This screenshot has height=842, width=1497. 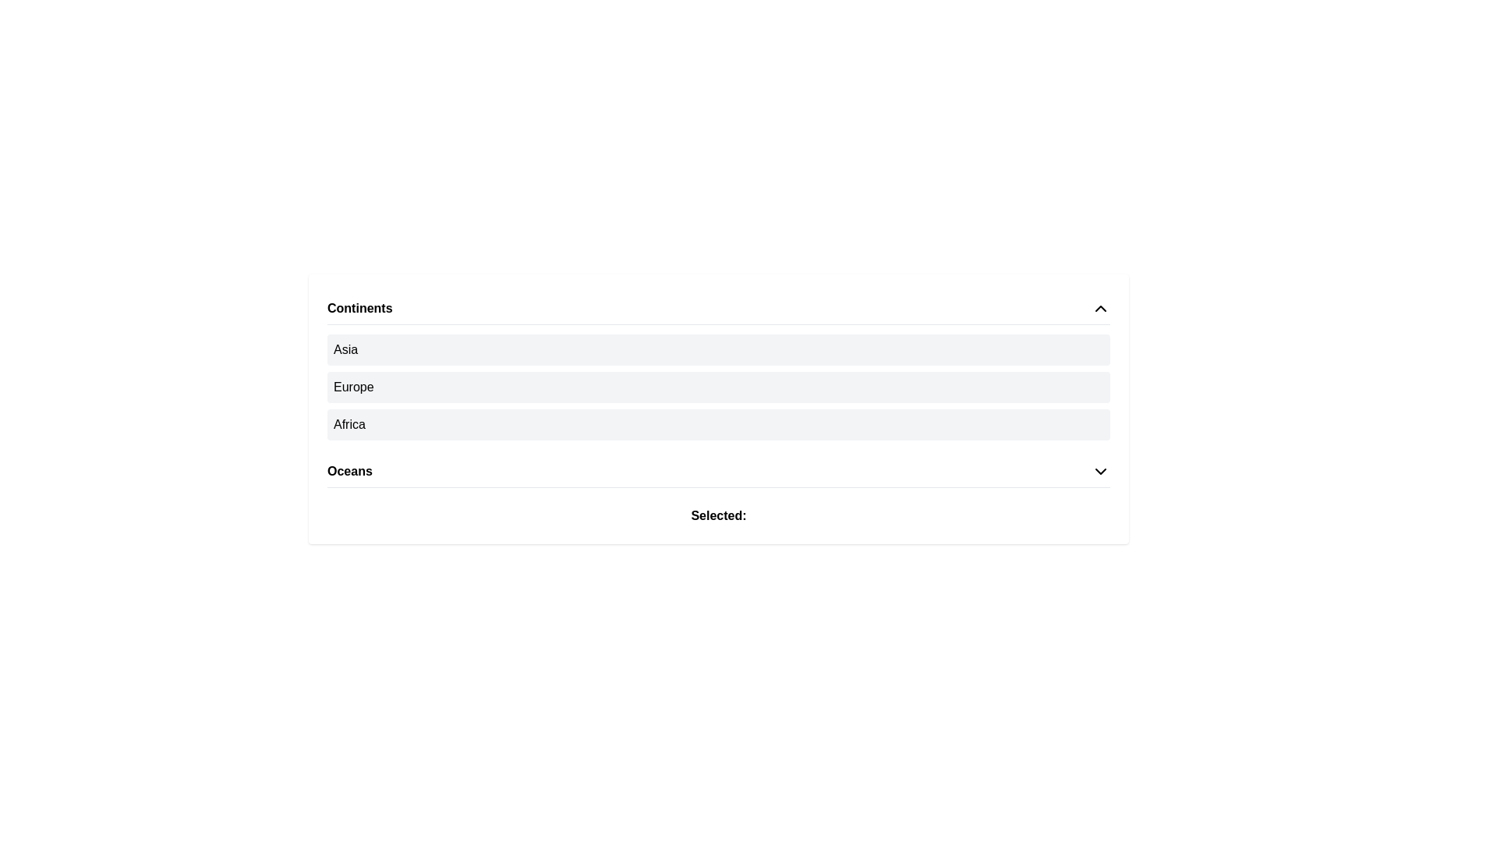 What do you see at coordinates (349, 471) in the screenshot?
I see `the text label displaying 'Oceans'` at bounding box center [349, 471].